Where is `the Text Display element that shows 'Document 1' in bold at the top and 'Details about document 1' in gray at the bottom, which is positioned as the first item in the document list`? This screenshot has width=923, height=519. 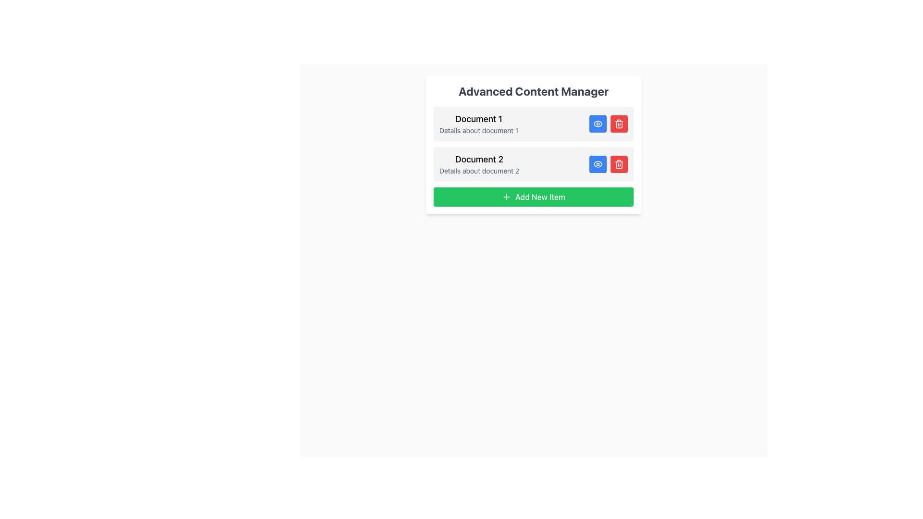
the Text Display element that shows 'Document 1' in bold at the top and 'Details about document 1' in gray at the bottom, which is positioned as the first item in the document list is located at coordinates (479, 124).